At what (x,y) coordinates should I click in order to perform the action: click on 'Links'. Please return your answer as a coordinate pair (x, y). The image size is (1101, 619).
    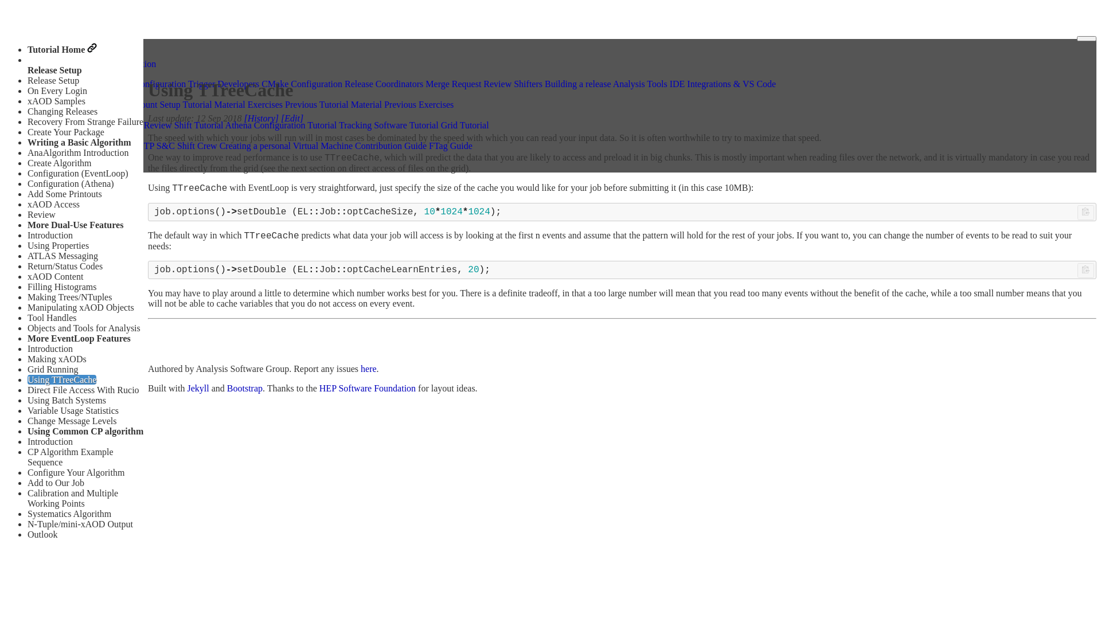
    Looking at the image, I should click on (44, 134).